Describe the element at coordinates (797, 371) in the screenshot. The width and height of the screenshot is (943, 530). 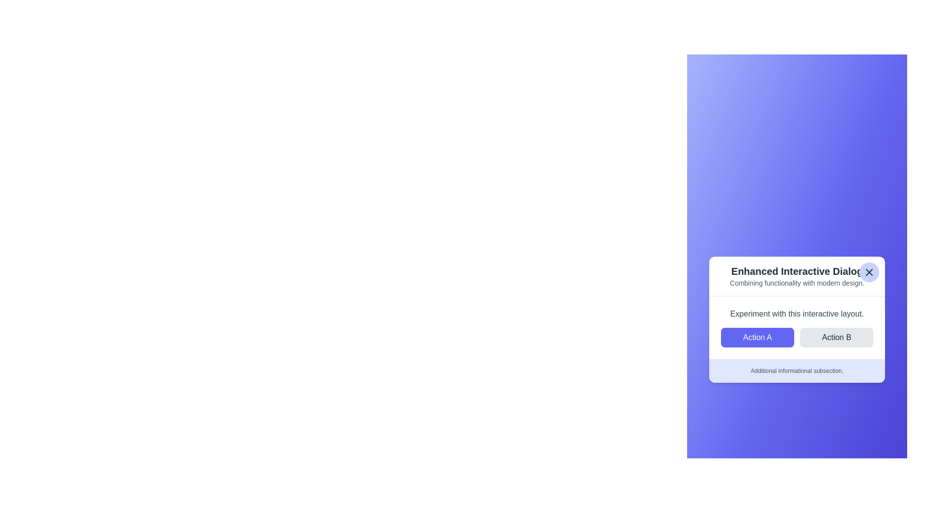
I see `the Informational text section located at the bottom of the main dialog box, which spans the full width beneath the buttons labeled 'Action A' and 'Action B.'` at that location.